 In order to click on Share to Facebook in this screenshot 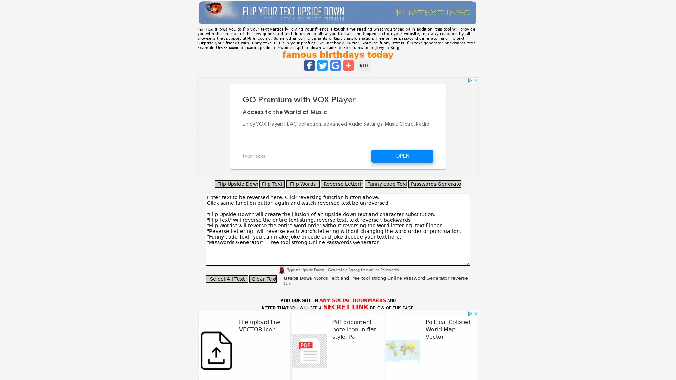, I will do `click(309, 65)`.